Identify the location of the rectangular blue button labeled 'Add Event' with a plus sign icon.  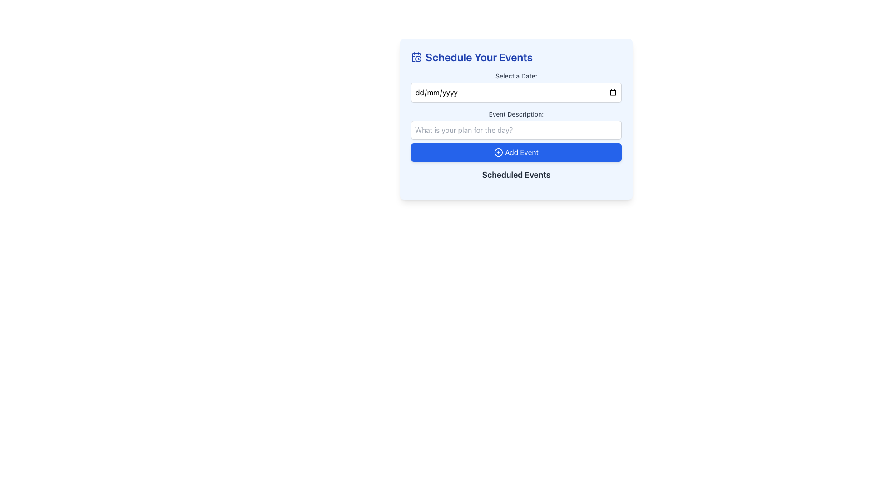
(516, 152).